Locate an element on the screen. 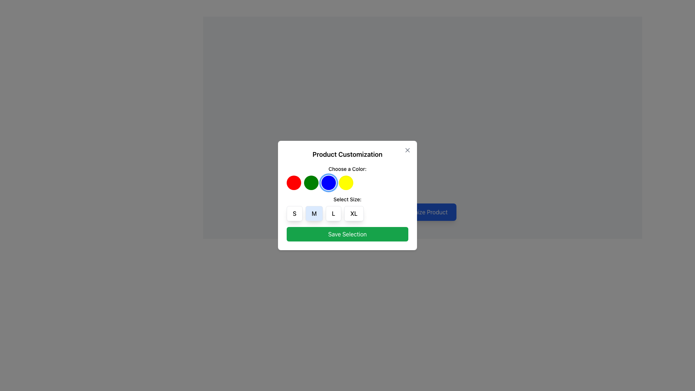 The image size is (695, 391). the 'XL' size option button located to the right of the 'L' button in the size selection group under the 'Select Size:' label is located at coordinates (354, 213).